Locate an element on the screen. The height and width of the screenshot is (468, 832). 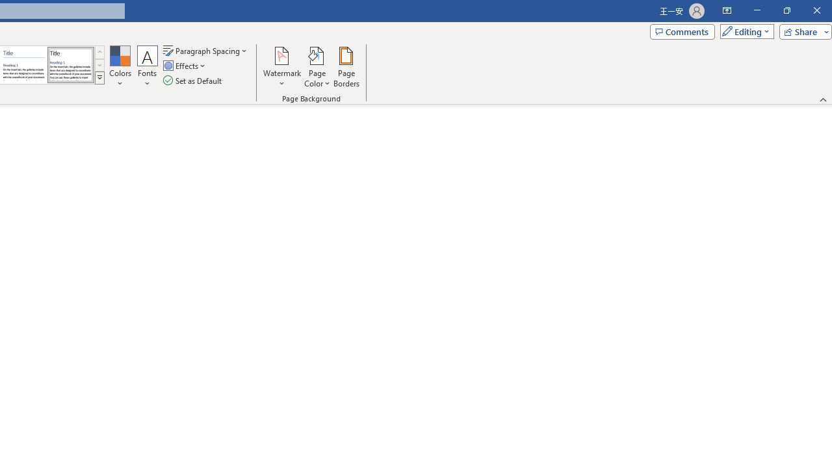
'Page Color' is located at coordinates (317, 67).